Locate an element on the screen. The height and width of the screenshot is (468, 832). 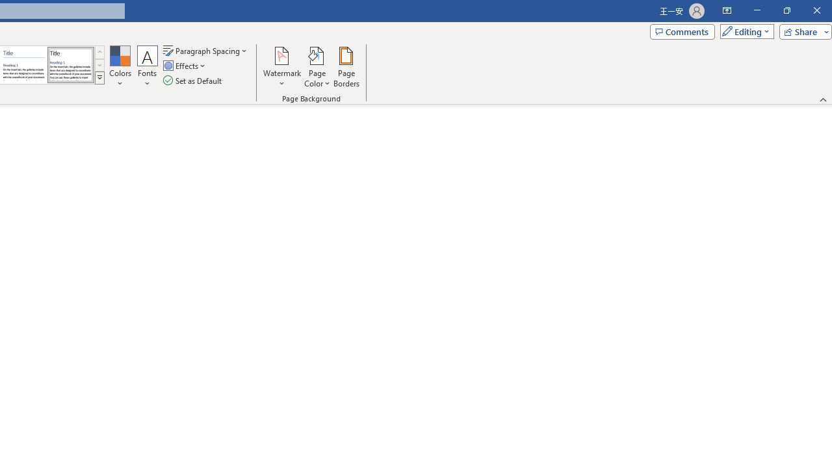
'Page Color' is located at coordinates (317, 67).